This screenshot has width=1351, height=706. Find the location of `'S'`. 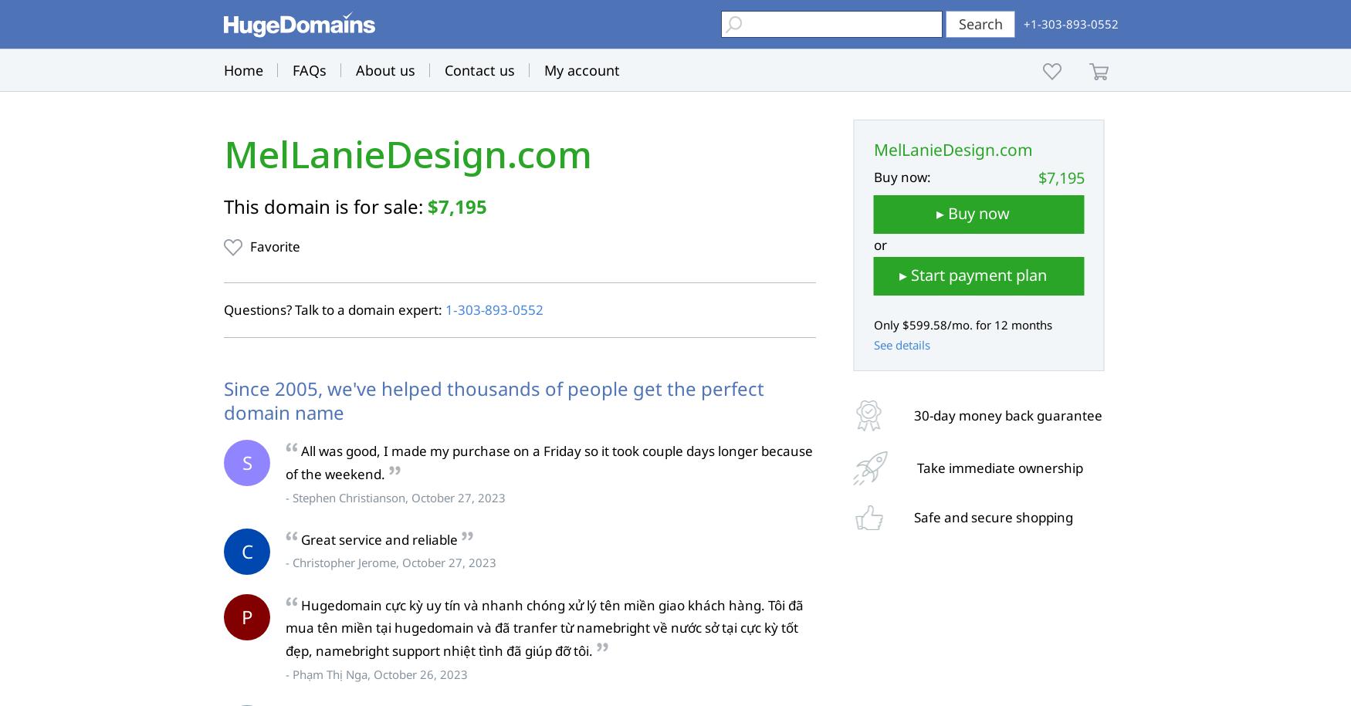

'S' is located at coordinates (246, 461).